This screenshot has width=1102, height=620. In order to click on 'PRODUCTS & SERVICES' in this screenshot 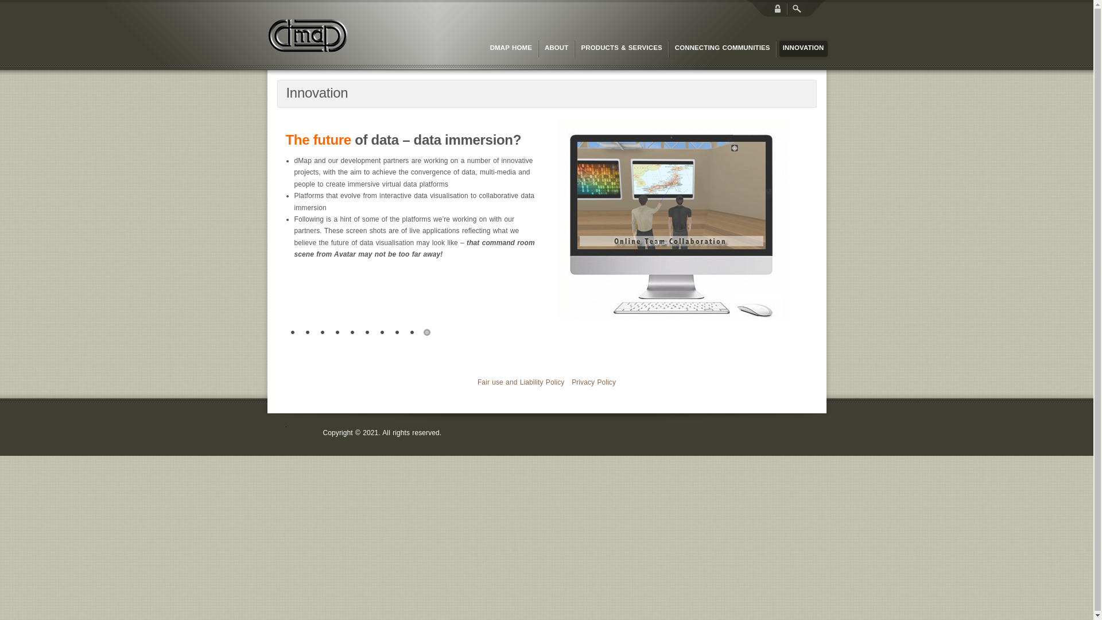, I will do `click(620, 48)`.